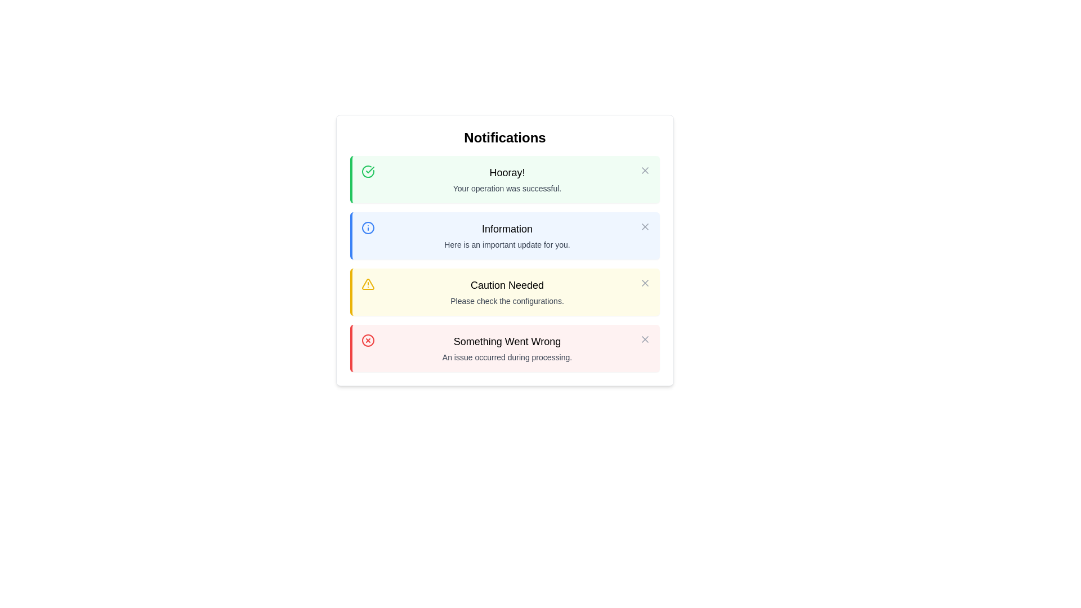 This screenshot has width=1081, height=608. I want to click on the error notification in the notification panel, which is the fourth in a vertical list and located below the 'Caution Needed' notification, so click(504, 347).